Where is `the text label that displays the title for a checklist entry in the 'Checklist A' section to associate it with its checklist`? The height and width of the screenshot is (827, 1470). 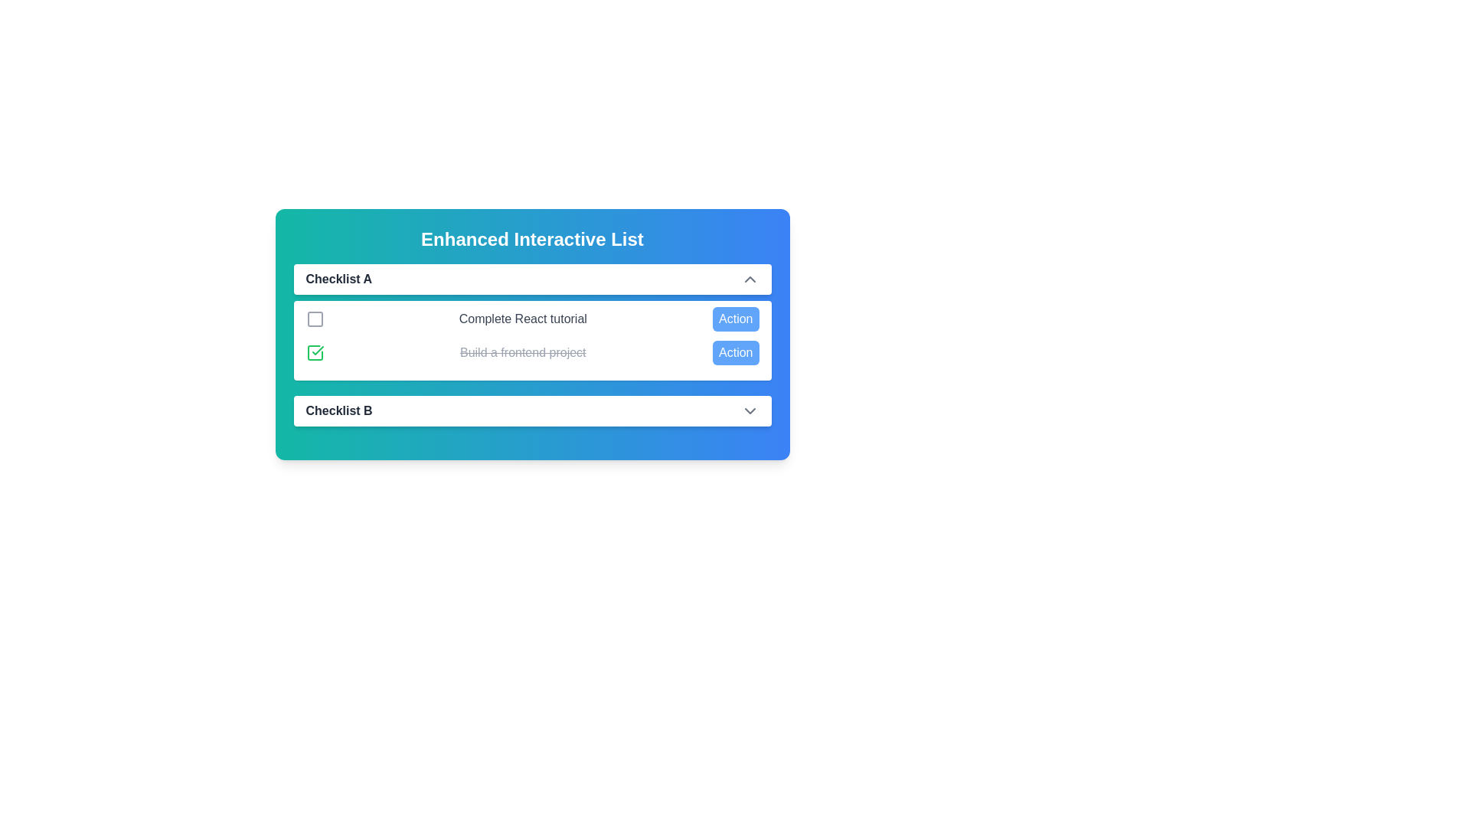 the text label that displays the title for a checklist entry in the 'Checklist A' section to associate it with its checklist is located at coordinates (338, 410).